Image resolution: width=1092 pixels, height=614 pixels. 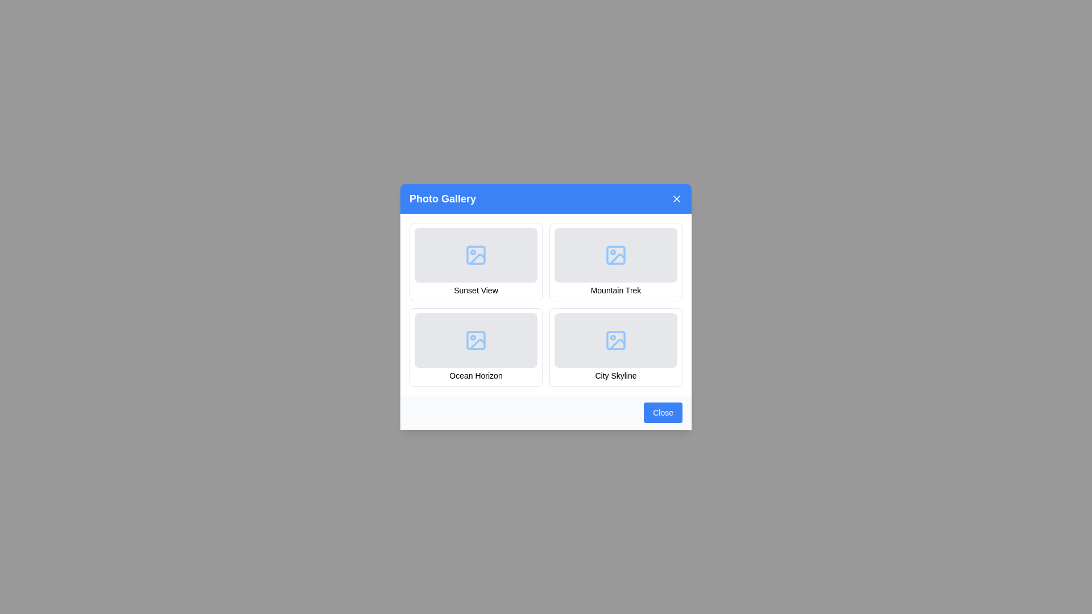 I want to click on the large rounded rectangle image placeholder or button with a gray background and a light blue outlined icon, so click(x=475, y=339).